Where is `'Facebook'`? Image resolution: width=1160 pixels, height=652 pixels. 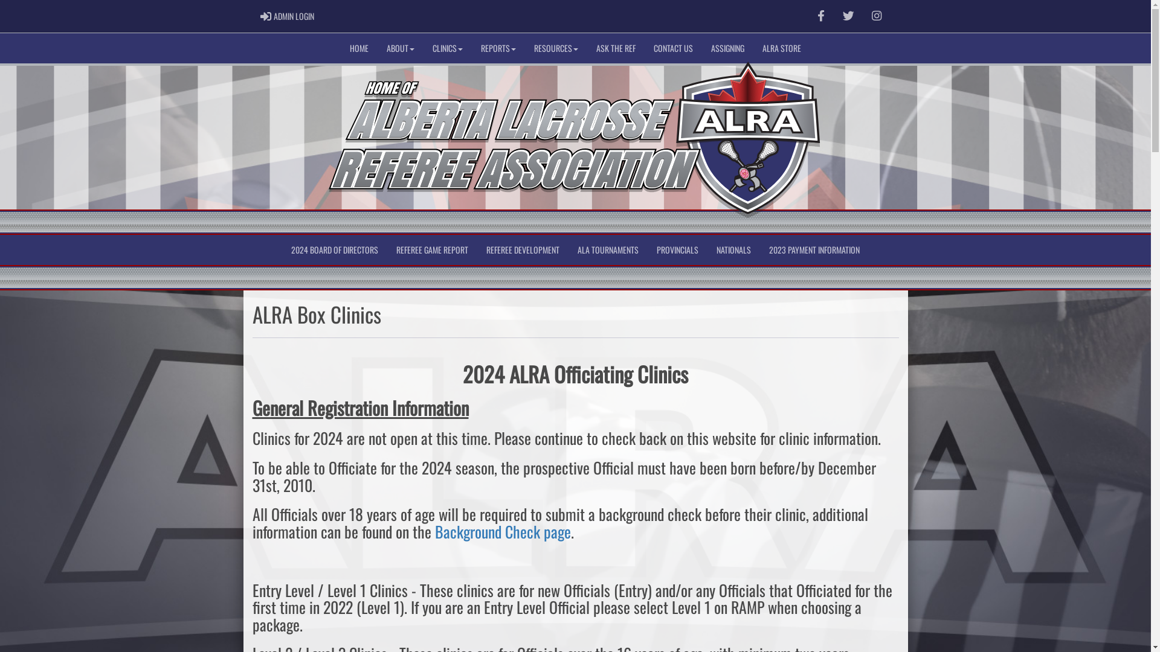
'Facebook' is located at coordinates (820, 16).